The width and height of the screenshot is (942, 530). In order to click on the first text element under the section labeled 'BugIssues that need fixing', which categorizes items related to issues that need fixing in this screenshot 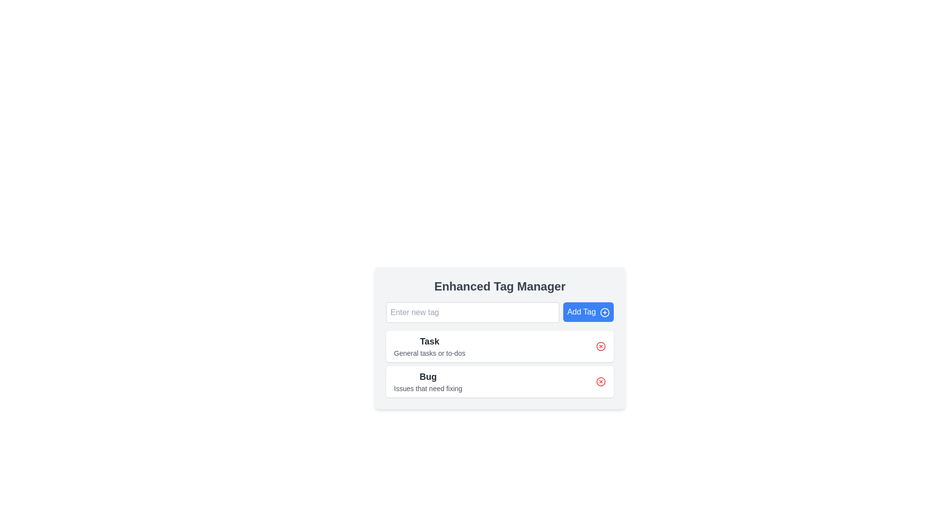, I will do `click(428, 376)`.